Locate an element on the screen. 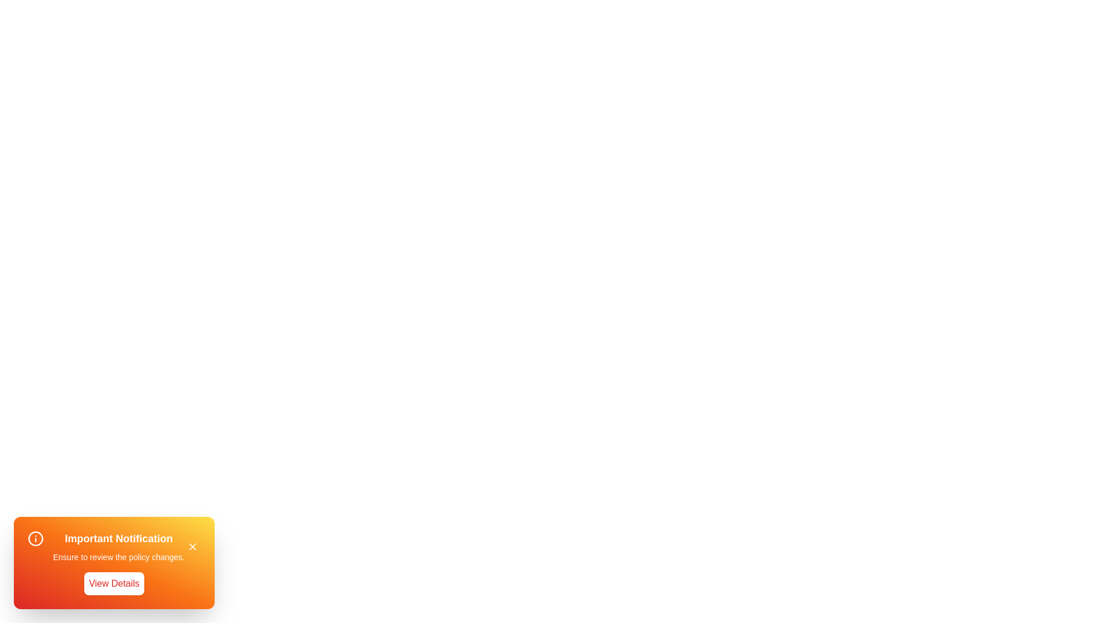 The image size is (1108, 623). the 'X' button to dismiss the alert is located at coordinates (193, 546).